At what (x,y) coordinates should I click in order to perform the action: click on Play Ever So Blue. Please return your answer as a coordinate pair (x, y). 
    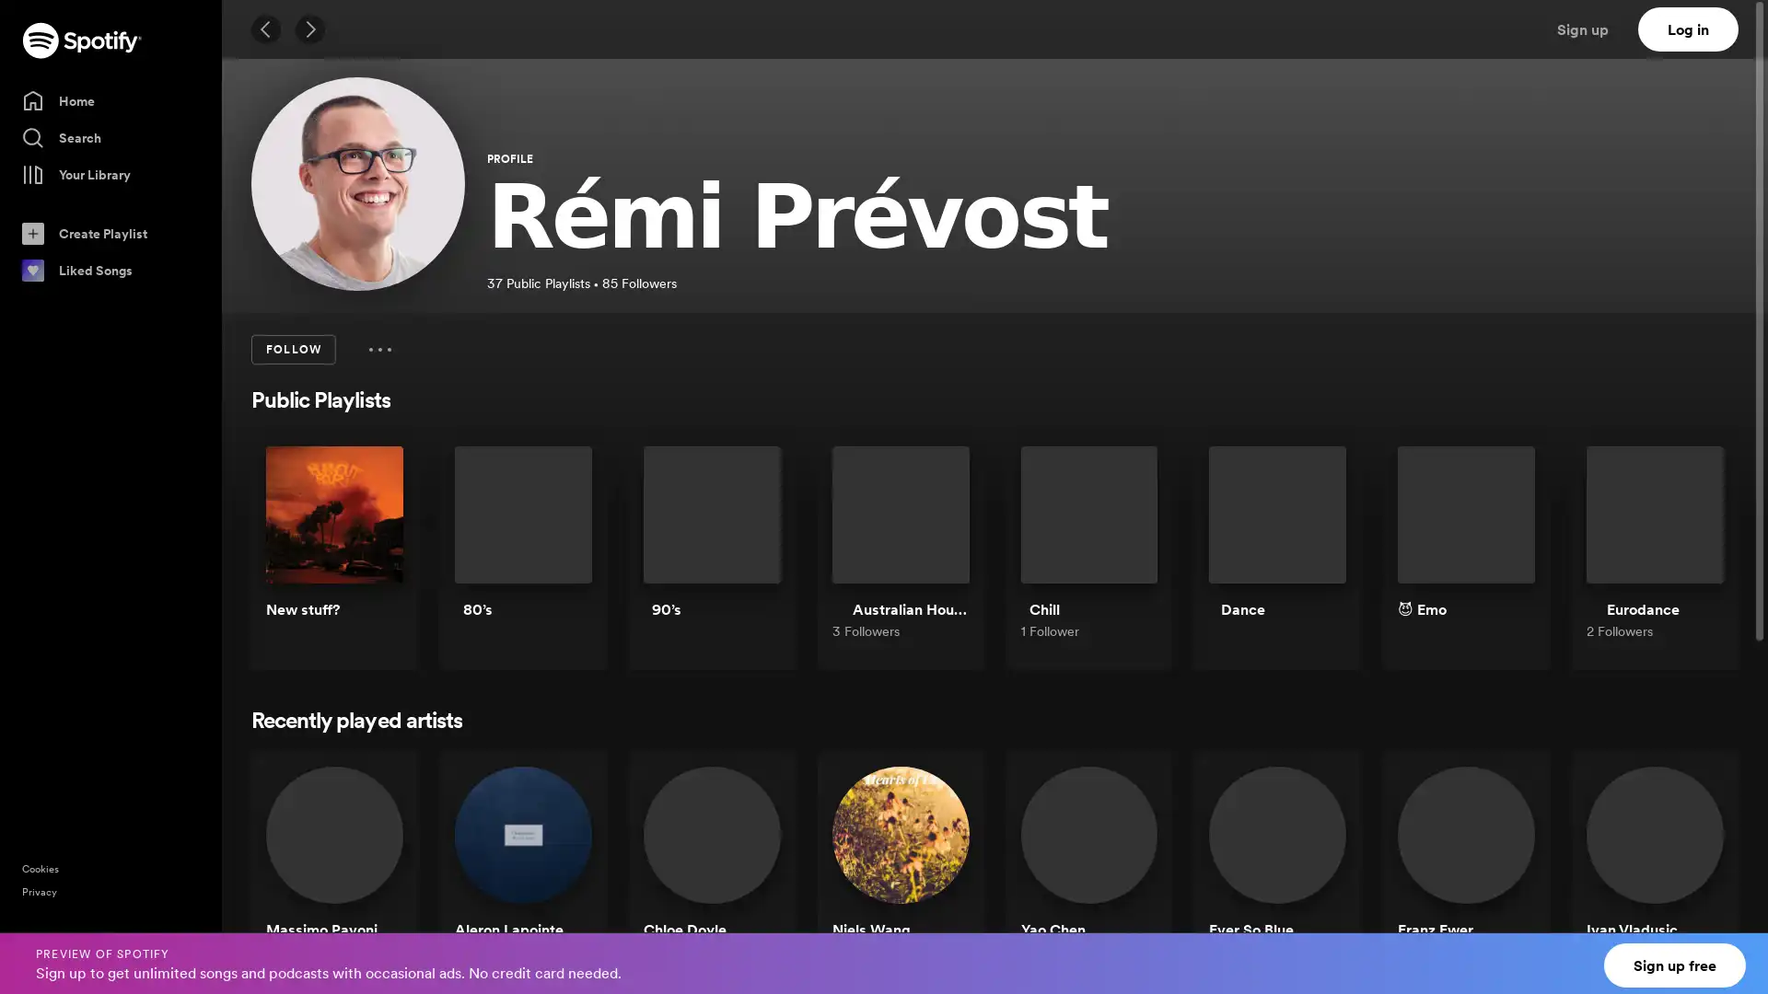
    Looking at the image, I should click on (1316, 879).